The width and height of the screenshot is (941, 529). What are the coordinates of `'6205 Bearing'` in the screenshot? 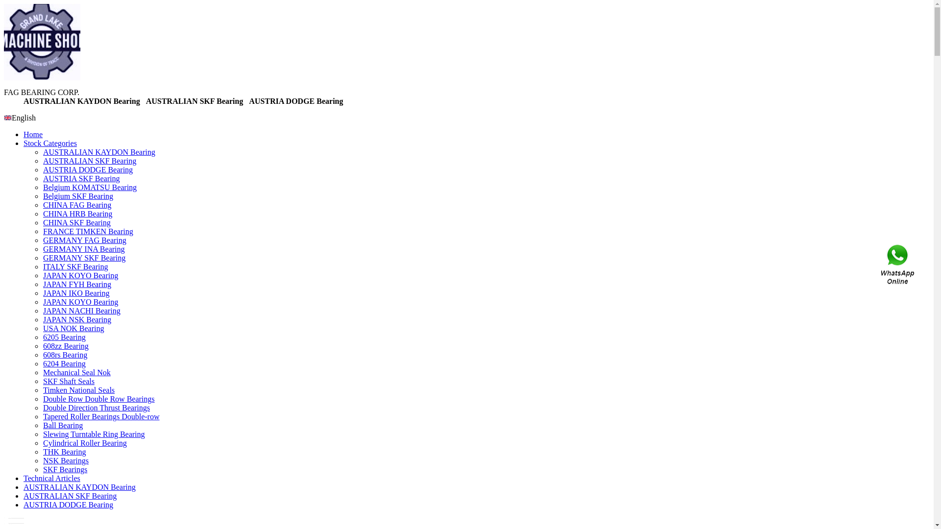 It's located at (64, 337).